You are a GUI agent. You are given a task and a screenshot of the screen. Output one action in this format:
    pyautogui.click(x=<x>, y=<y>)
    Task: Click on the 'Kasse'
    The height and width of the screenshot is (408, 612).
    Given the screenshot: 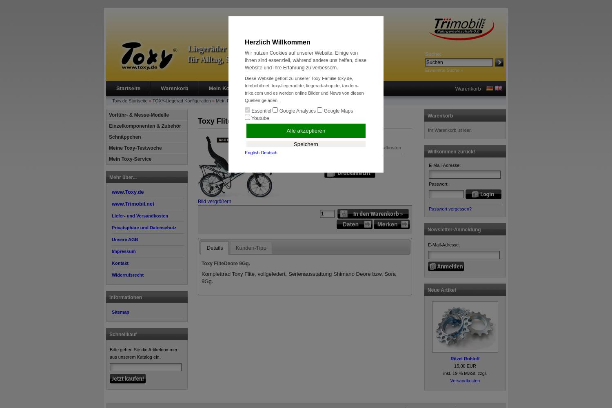 What is the action you would take?
    pyautogui.click(x=315, y=88)
    